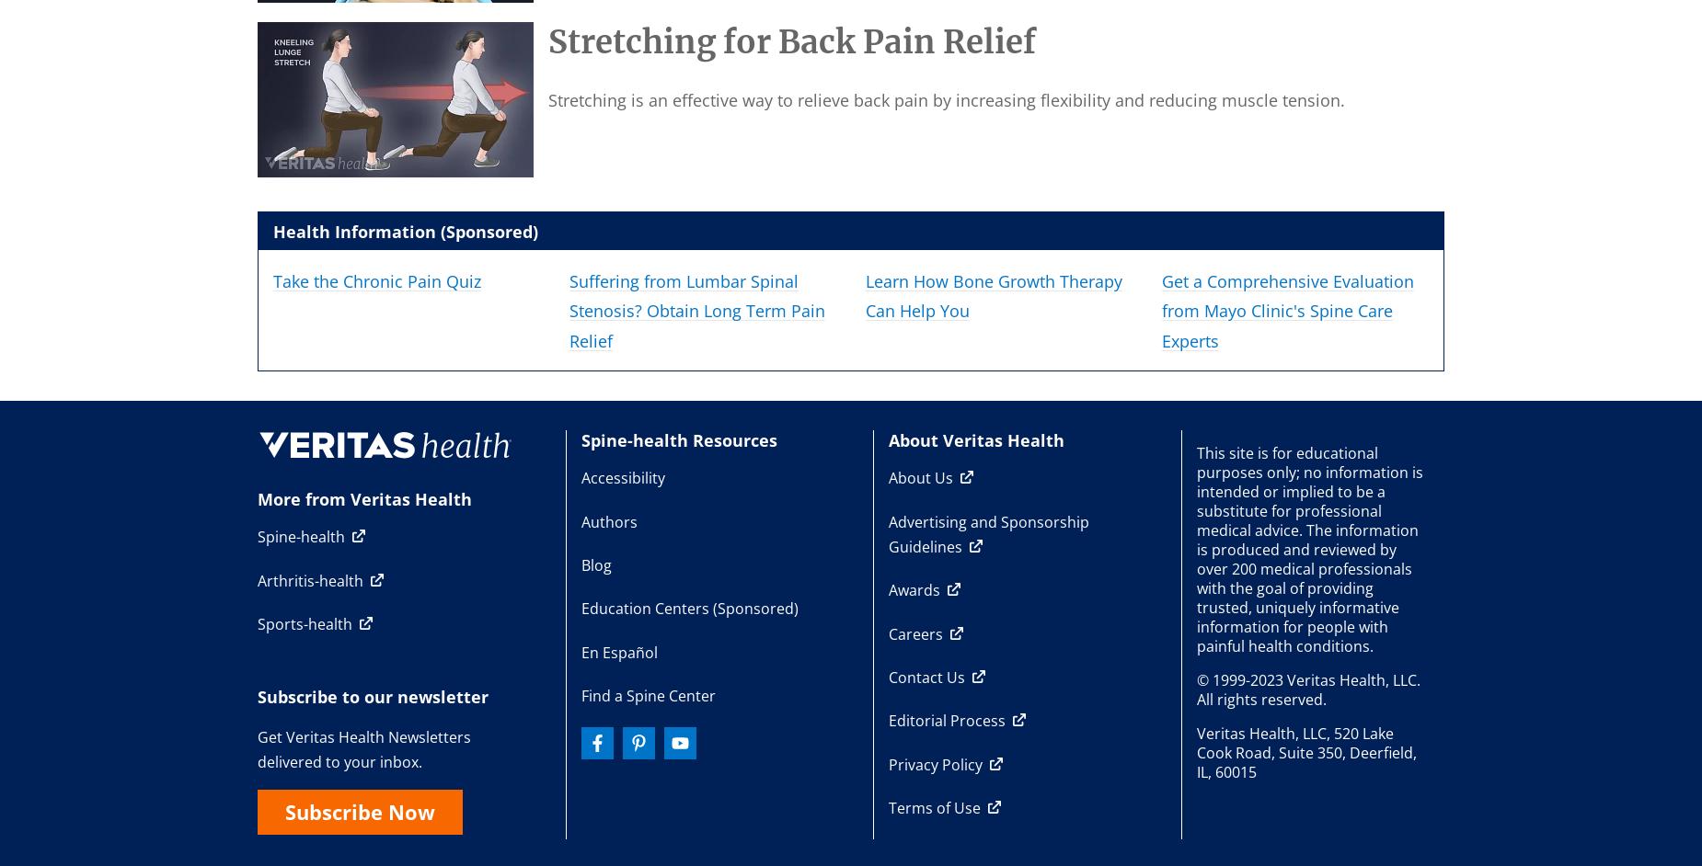 The width and height of the screenshot is (1702, 866). Describe the element at coordinates (916, 632) in the screenshot. I see `'Careers'` at that location.